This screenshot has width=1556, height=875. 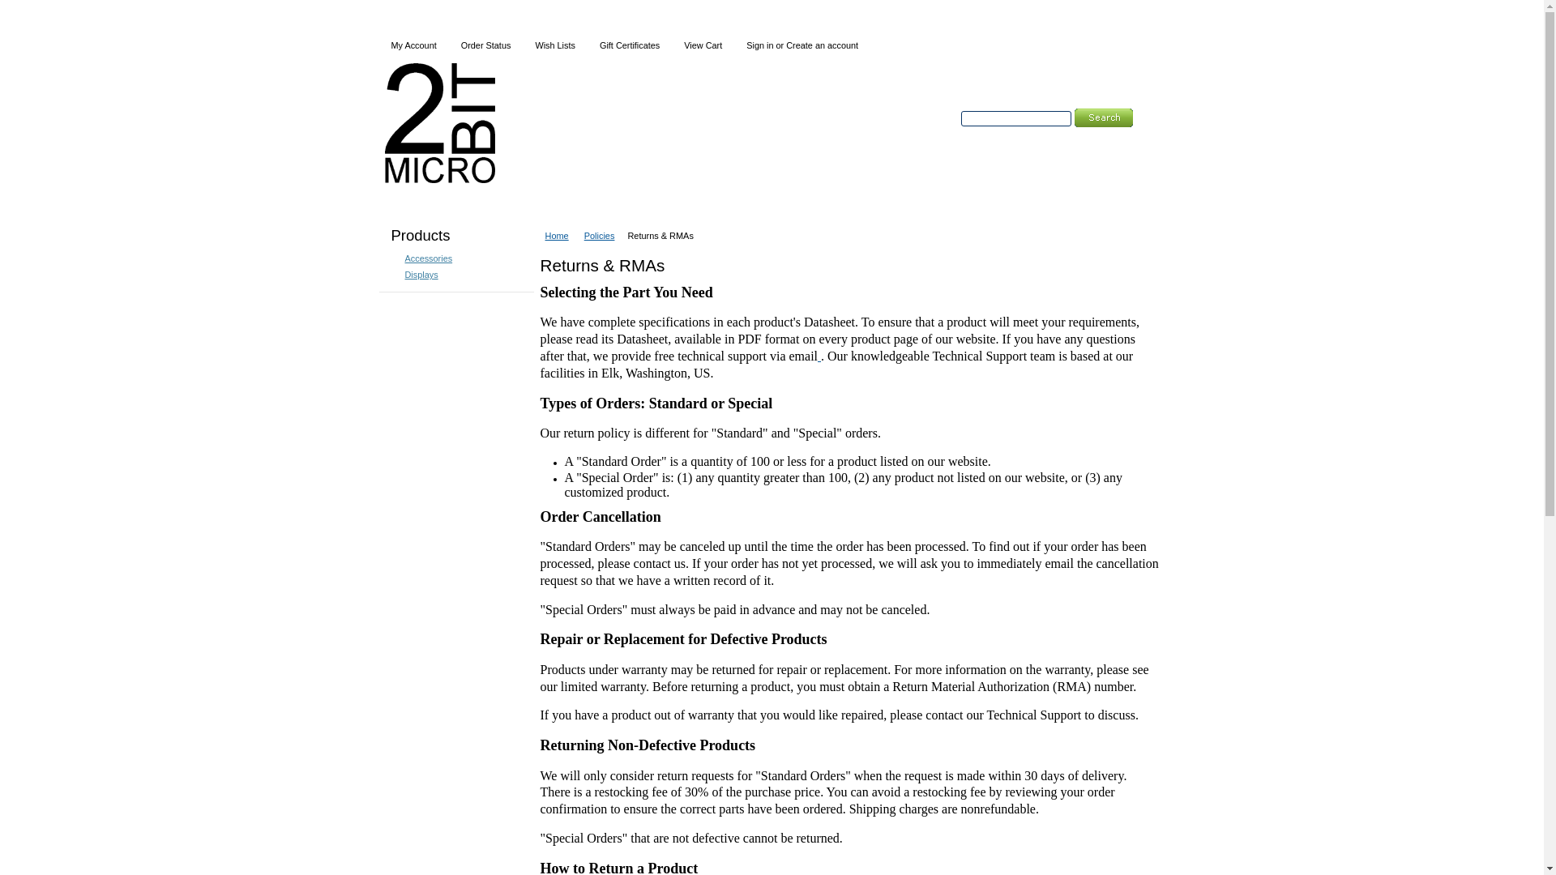 What do you see at coordinates (629, 45) in the screenshot?
I see `'Gift Certificates'` at bounding box center [629, 45].